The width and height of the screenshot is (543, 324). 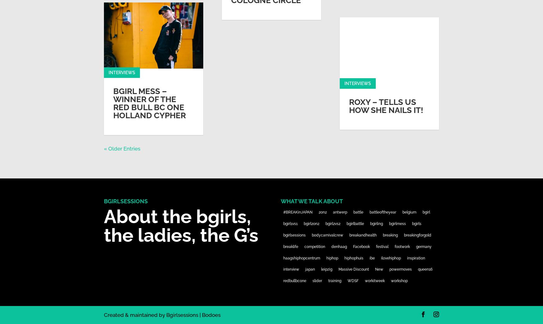 I want to click on 'WDSF', so click(x=352, y=281).